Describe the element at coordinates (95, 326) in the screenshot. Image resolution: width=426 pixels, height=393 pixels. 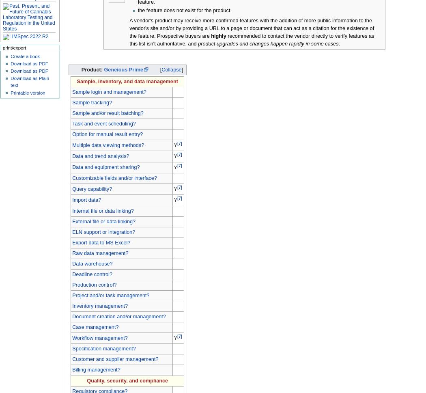
I see `'Case management?'` at that location.